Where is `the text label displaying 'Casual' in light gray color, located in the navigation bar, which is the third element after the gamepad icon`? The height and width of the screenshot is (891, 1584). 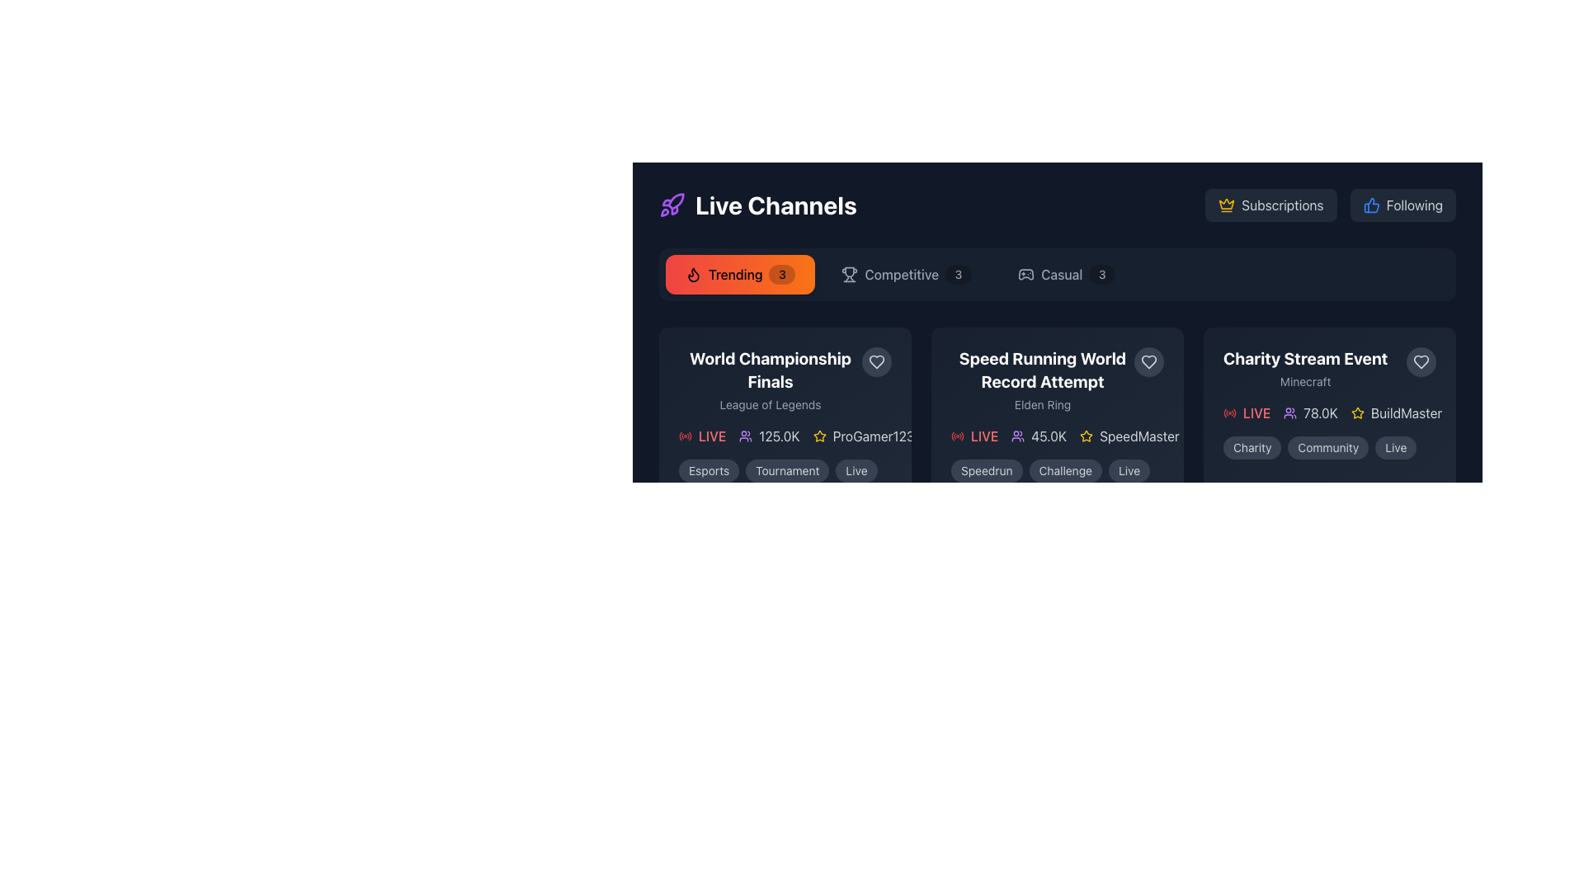
the text label displaying 'Casual' in light gray color, located in the navigation bar, which is the third element after the gamepad icon is located at coordinates (1062, 273).